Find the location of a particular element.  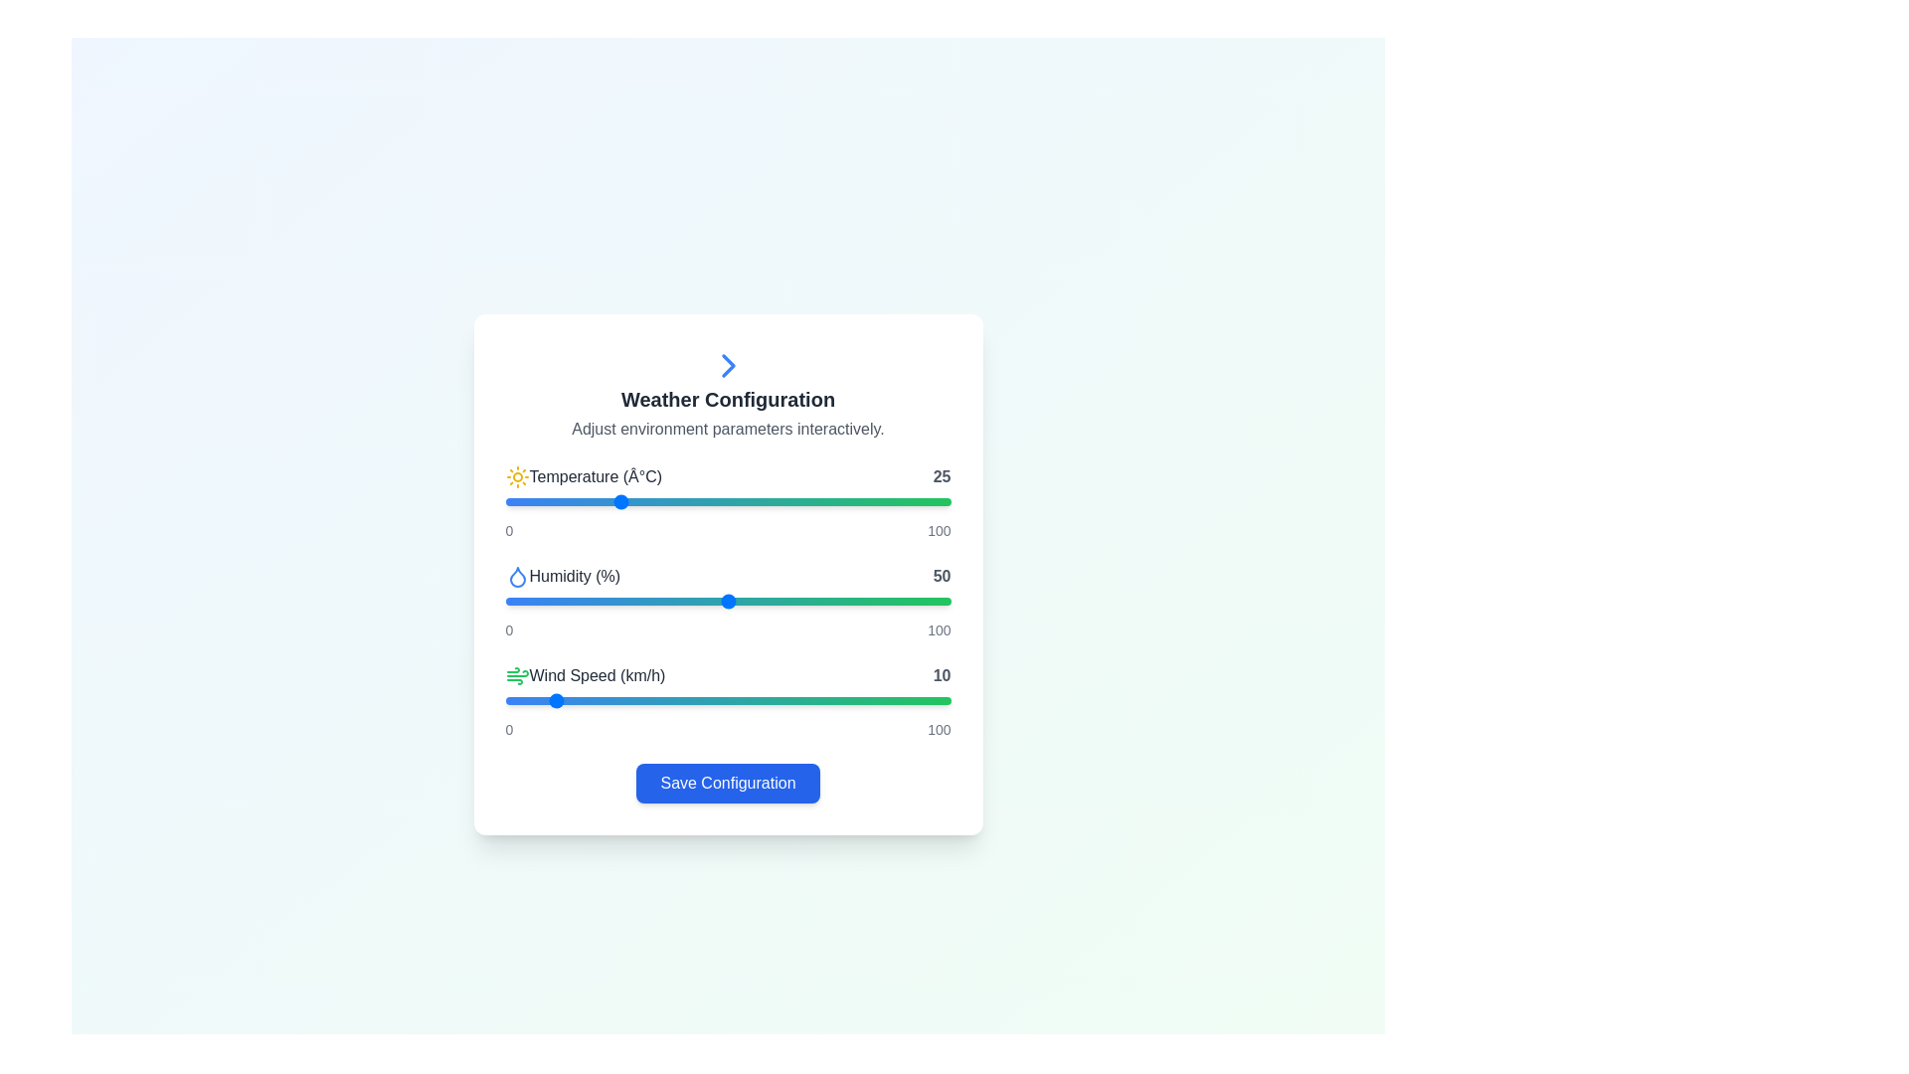

the Text Label displaying the current wind speed in kilometers per hour, located in the bottom-most labeled section of the 'Weather Configuration' card, adjacent to the label 'Wind Speed (km/h)' is located at coordinates (941, 674).